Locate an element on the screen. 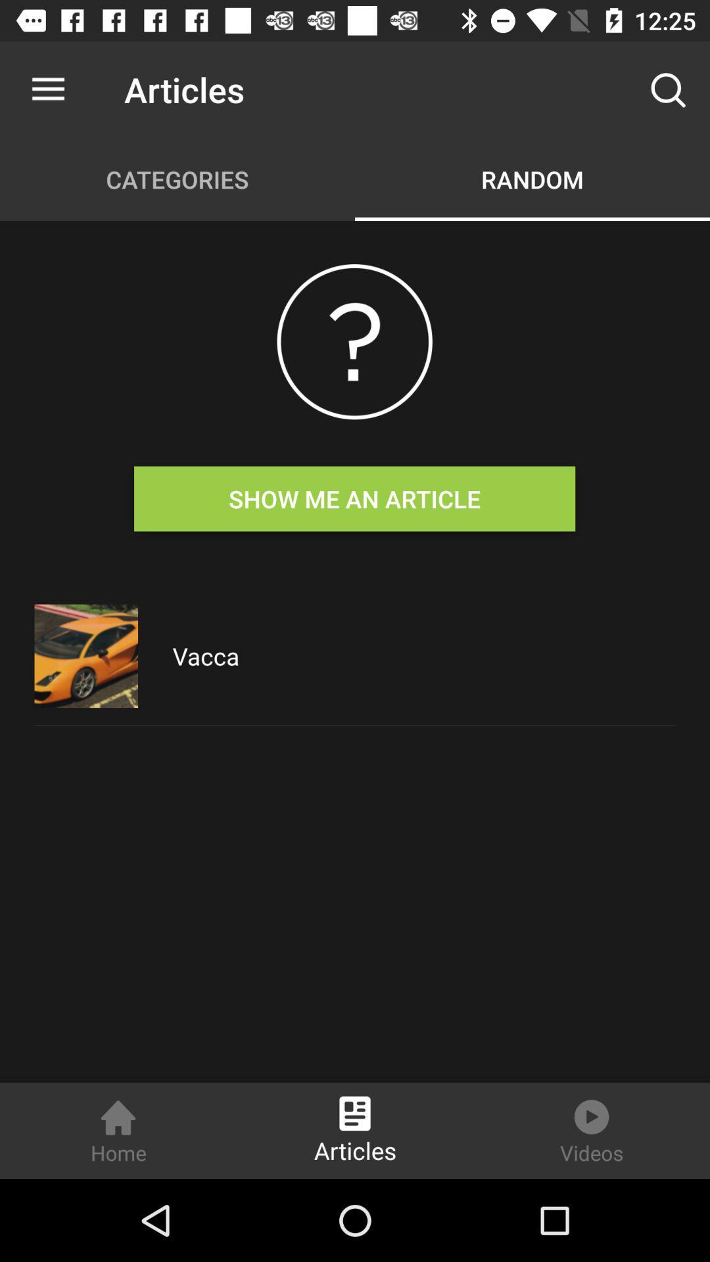 The height and width of the screenshot is (1262, 710). item next to articles icon is located at coordinates (47, 89).